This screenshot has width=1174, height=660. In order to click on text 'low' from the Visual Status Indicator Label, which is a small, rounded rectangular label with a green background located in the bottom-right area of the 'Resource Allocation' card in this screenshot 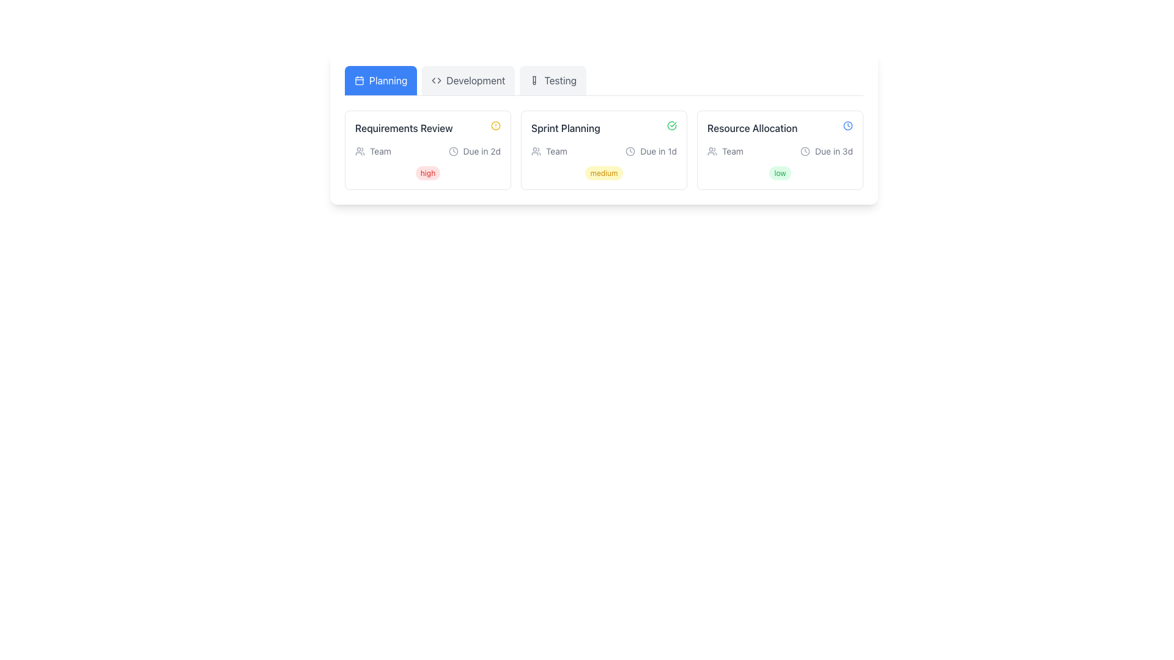, I will do `click(780, 173)`.